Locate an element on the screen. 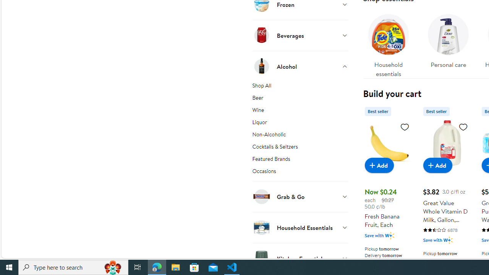  'Beer' is located at coordinates (300, 99).